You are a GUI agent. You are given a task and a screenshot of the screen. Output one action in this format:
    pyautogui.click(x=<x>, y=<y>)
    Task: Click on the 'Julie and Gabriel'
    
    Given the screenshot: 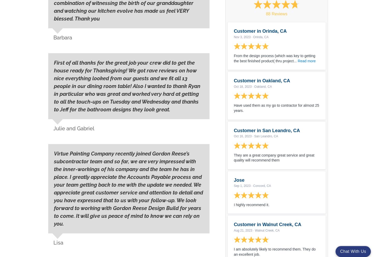 What is the action you would take?
    pyautogui.click(x=74, y=128)
    